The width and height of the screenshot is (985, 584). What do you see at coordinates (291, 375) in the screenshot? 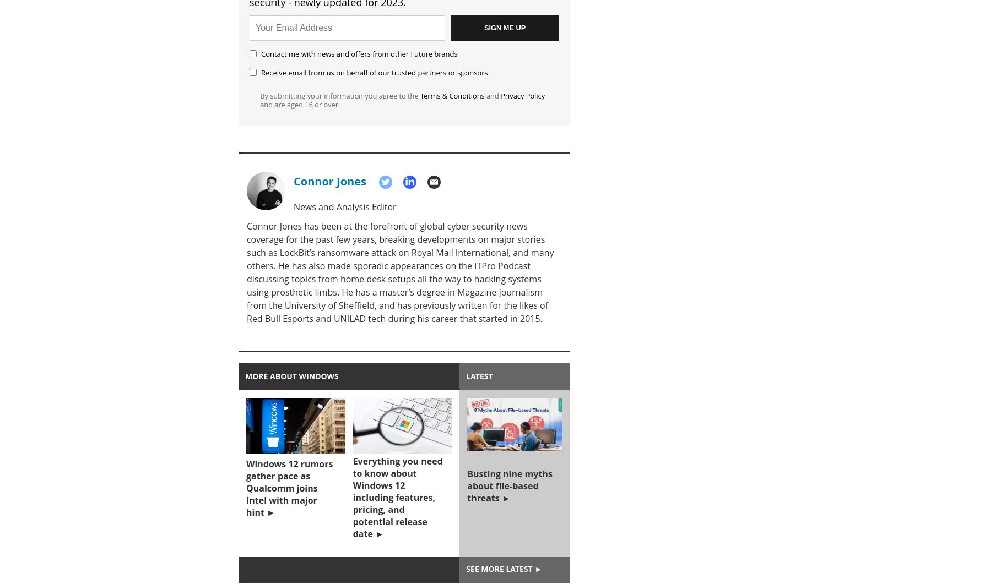
I see `'More about windows'` at bounding box center [291, 375].